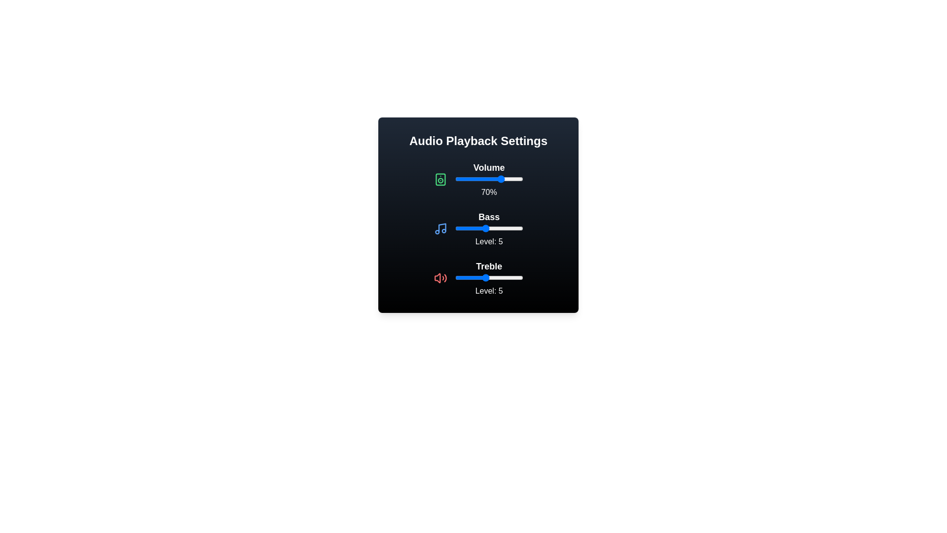 The image size is (947, 533). Describe the element at coordinates (508, 278) in the screenshot. I see `the treble level` at that location.